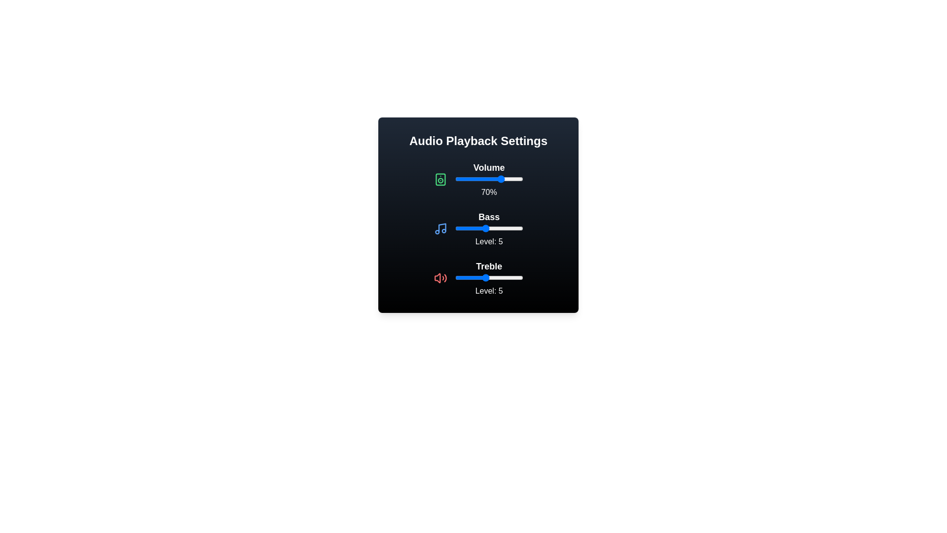 The image size is (947, 533). Describe the element at coordinates (508, 278) in the screenshot. I see `the treble level` at that location.